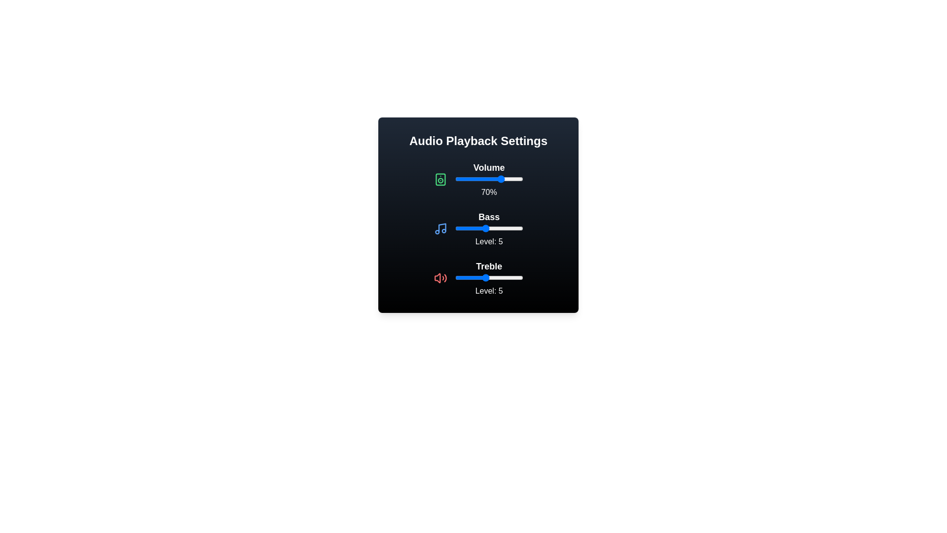 The image size is (947, 533). Describe the element at coordinates (508, 278) in the screenshot. I see `the treble level` at that location.